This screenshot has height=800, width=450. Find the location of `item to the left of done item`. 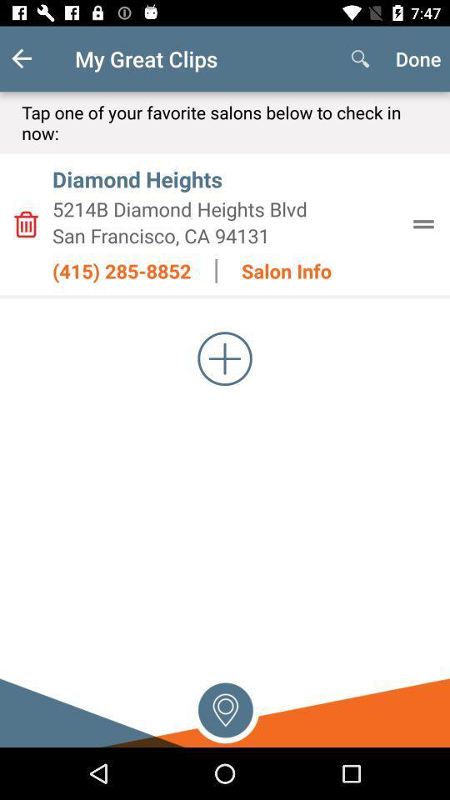

item to the left of done item is located at coordinates (359, 58).